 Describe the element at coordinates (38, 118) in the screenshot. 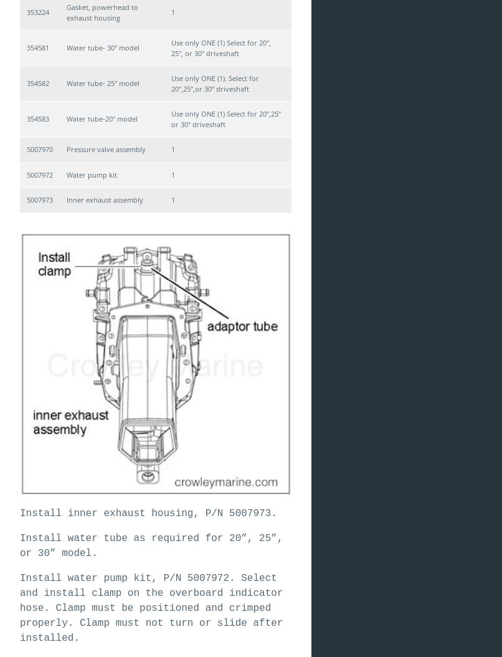

I see `'354583'` at that location.